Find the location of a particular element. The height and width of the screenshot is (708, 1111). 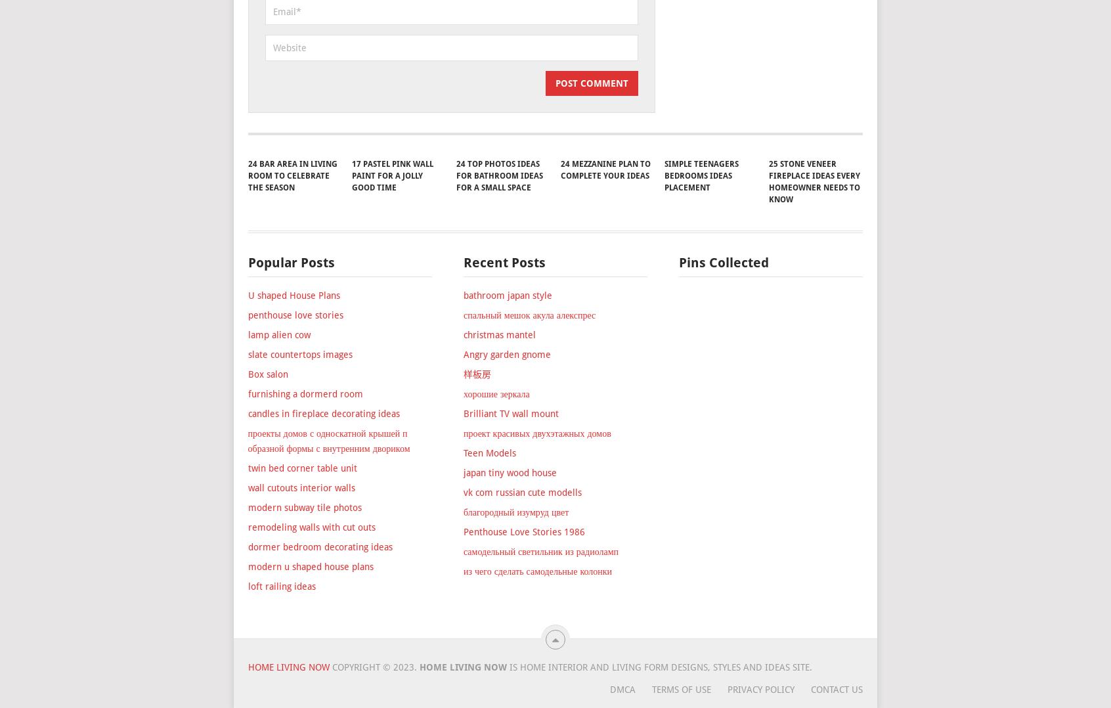

'japan tiny wood house' is located at coordinates (508, 546).